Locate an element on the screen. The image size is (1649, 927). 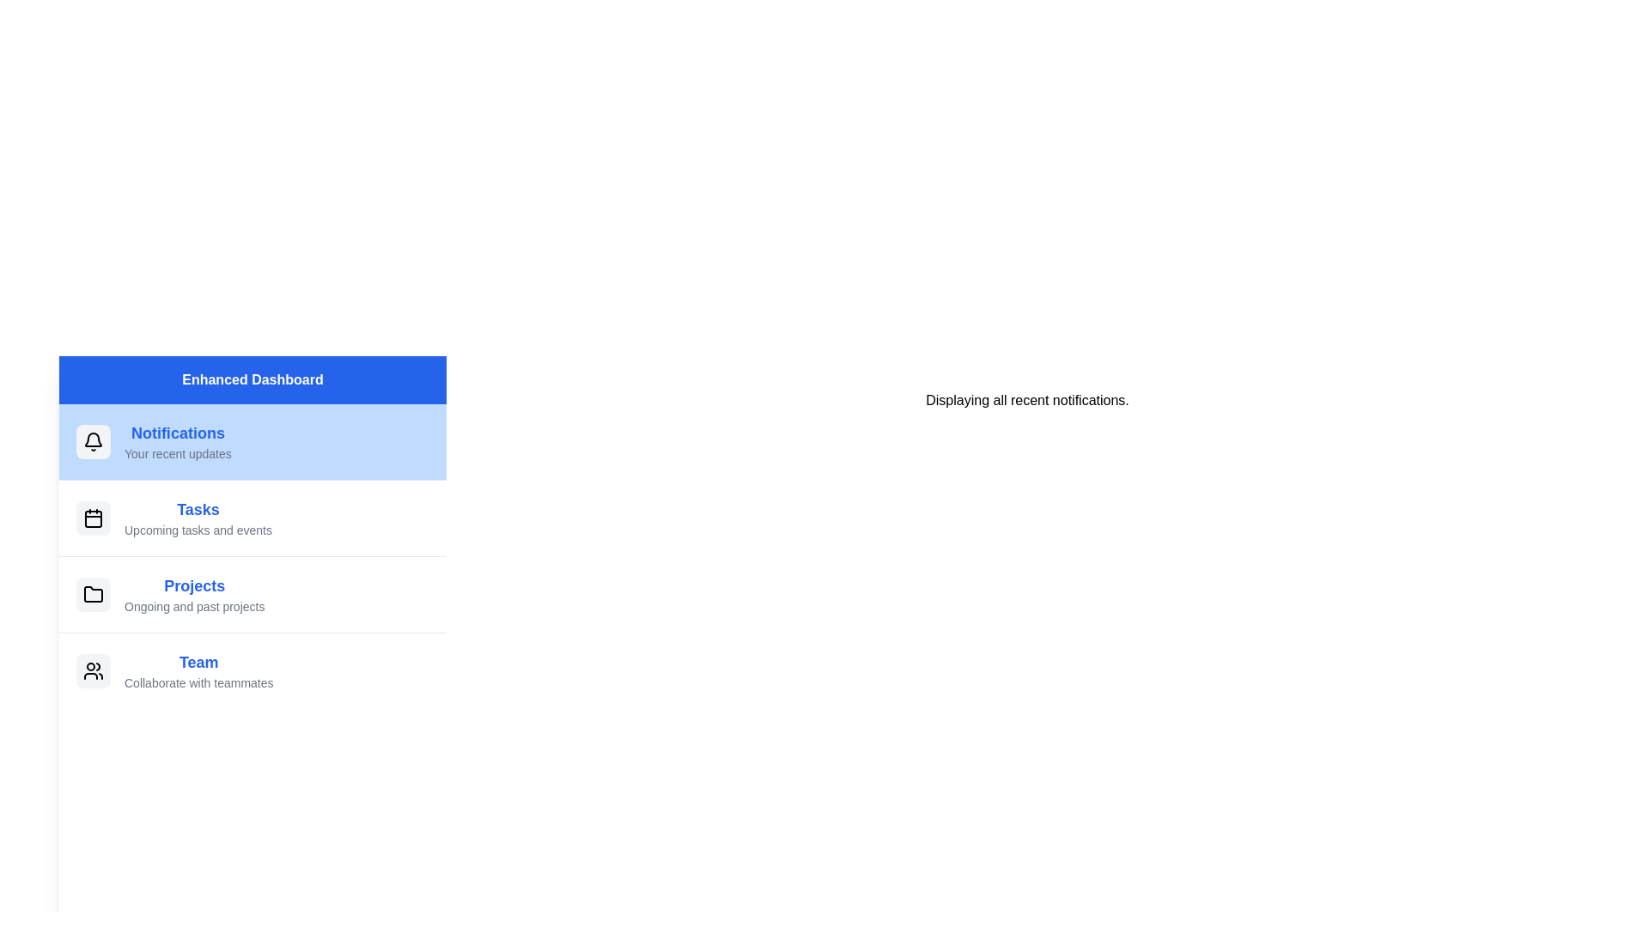
the menu item Team to access its context menu is located at coordinates (252, 669).